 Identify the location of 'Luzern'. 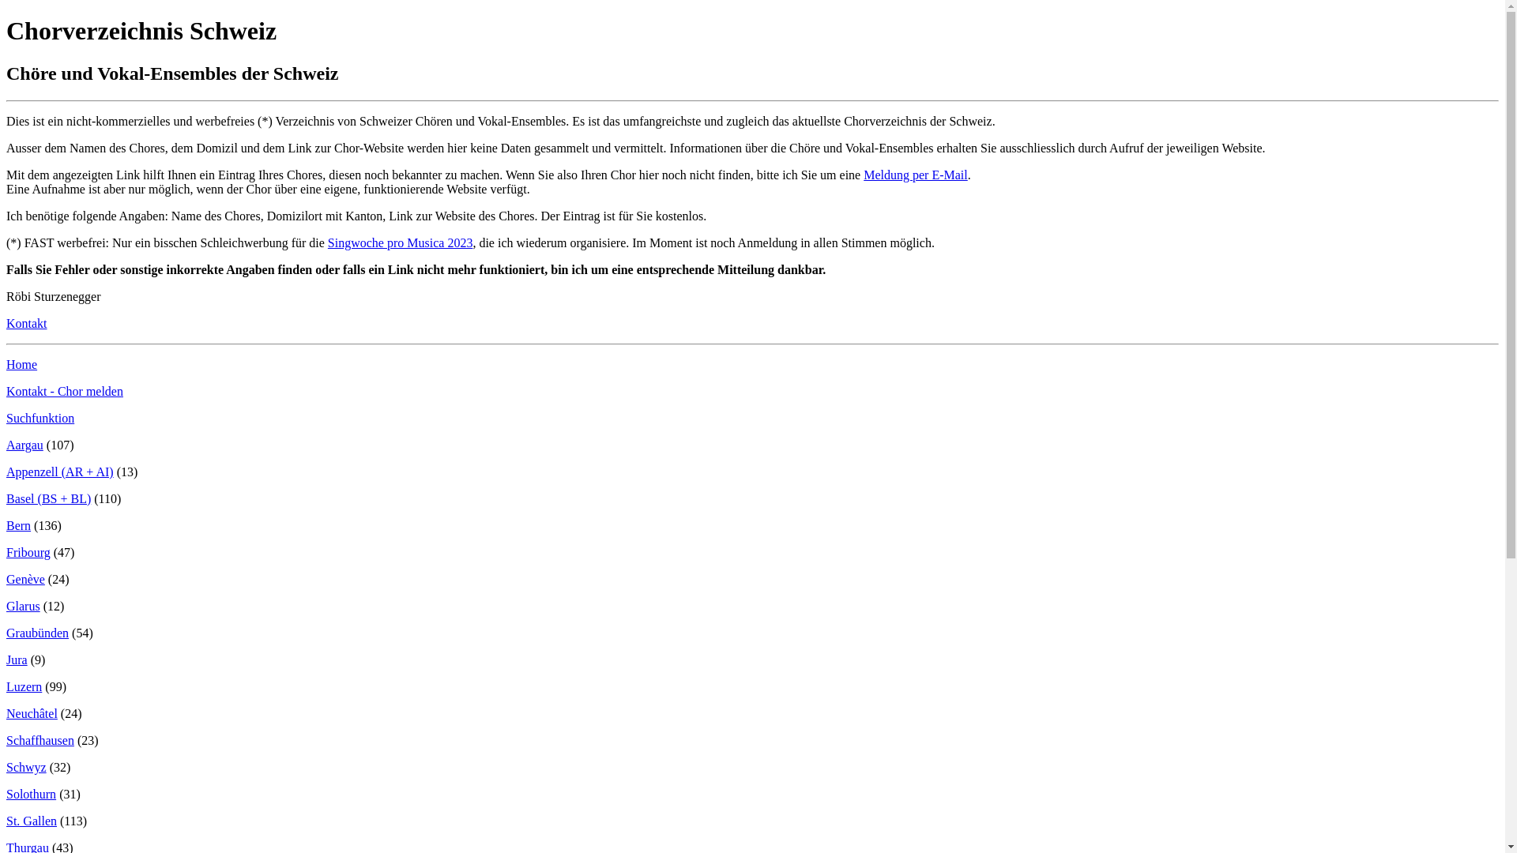
(24, 686).